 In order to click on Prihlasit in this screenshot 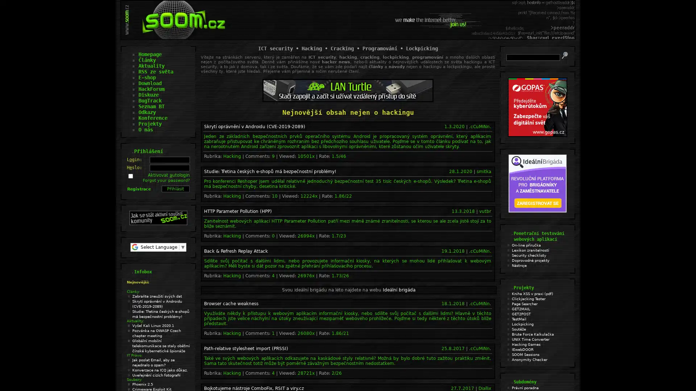, I will do `click(175, 188)`.